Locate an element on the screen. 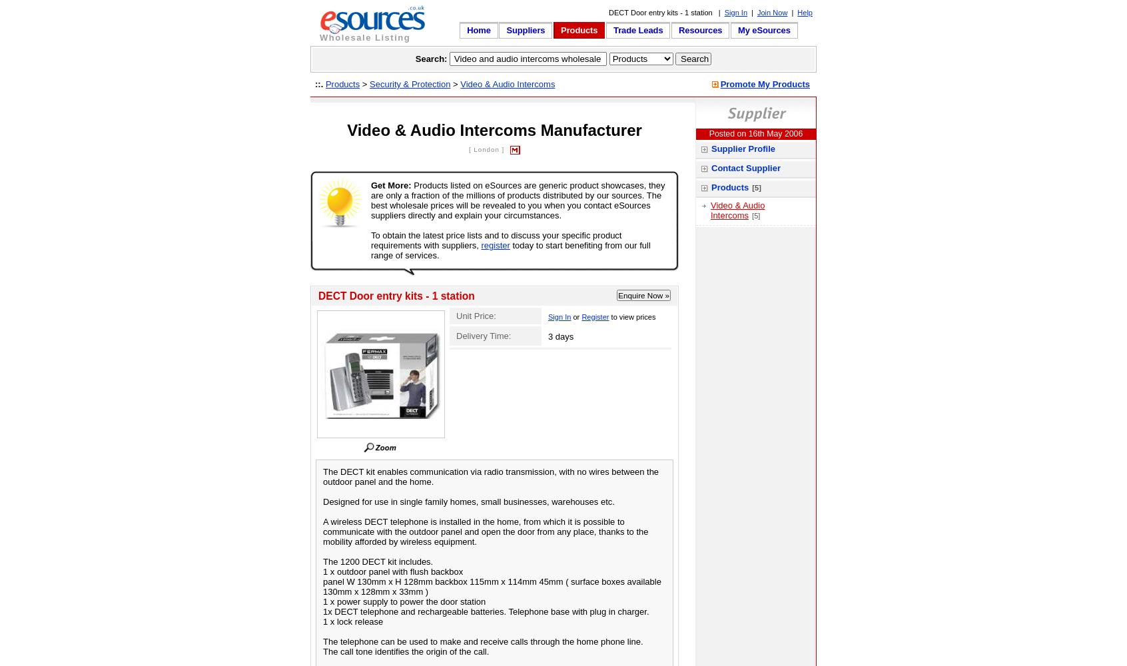 Image resolution: width=1127 pixels, height=666 pixels. 'Help' is located at coordinates (796, 13).